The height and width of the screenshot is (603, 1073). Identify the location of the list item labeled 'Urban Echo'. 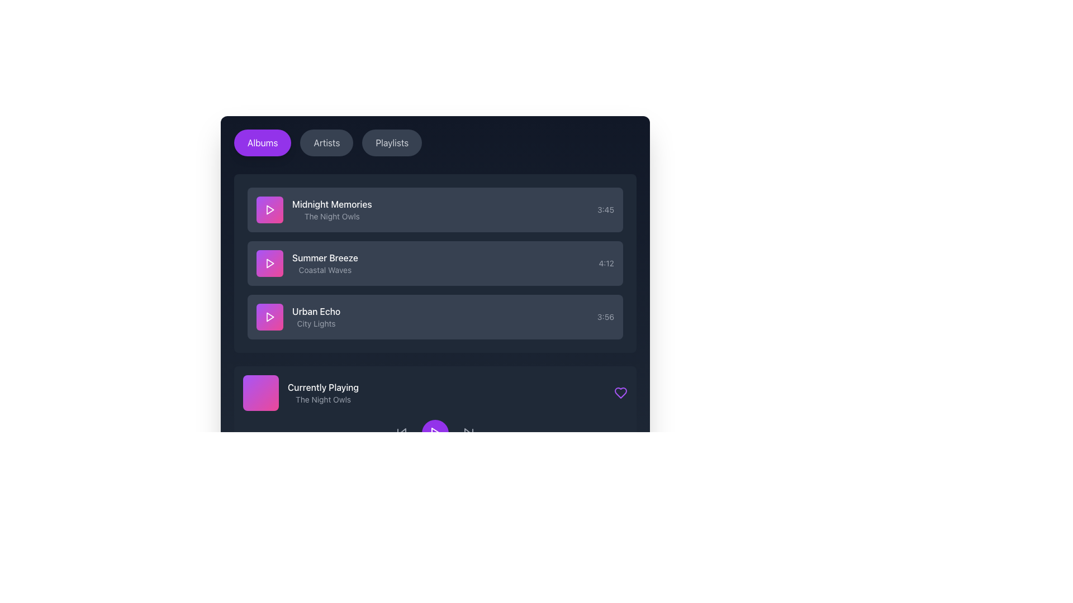
(434, 317).